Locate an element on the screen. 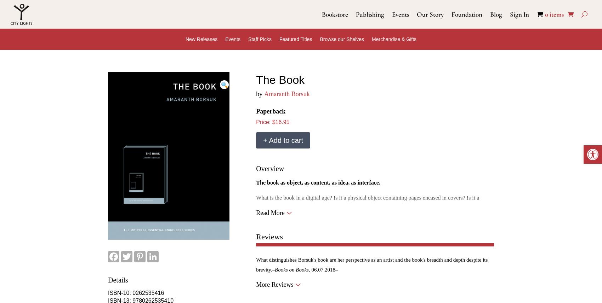 The image size is (602, 303). 'Bookstore' is located at coordinates (335, 14).